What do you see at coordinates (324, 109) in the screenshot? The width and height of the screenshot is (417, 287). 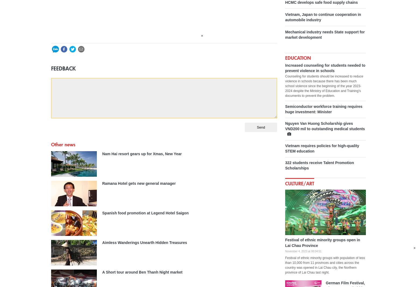 I see `'Semiconductor workforce training requires huge investment: Minister'` at bounding box center [324, 109].